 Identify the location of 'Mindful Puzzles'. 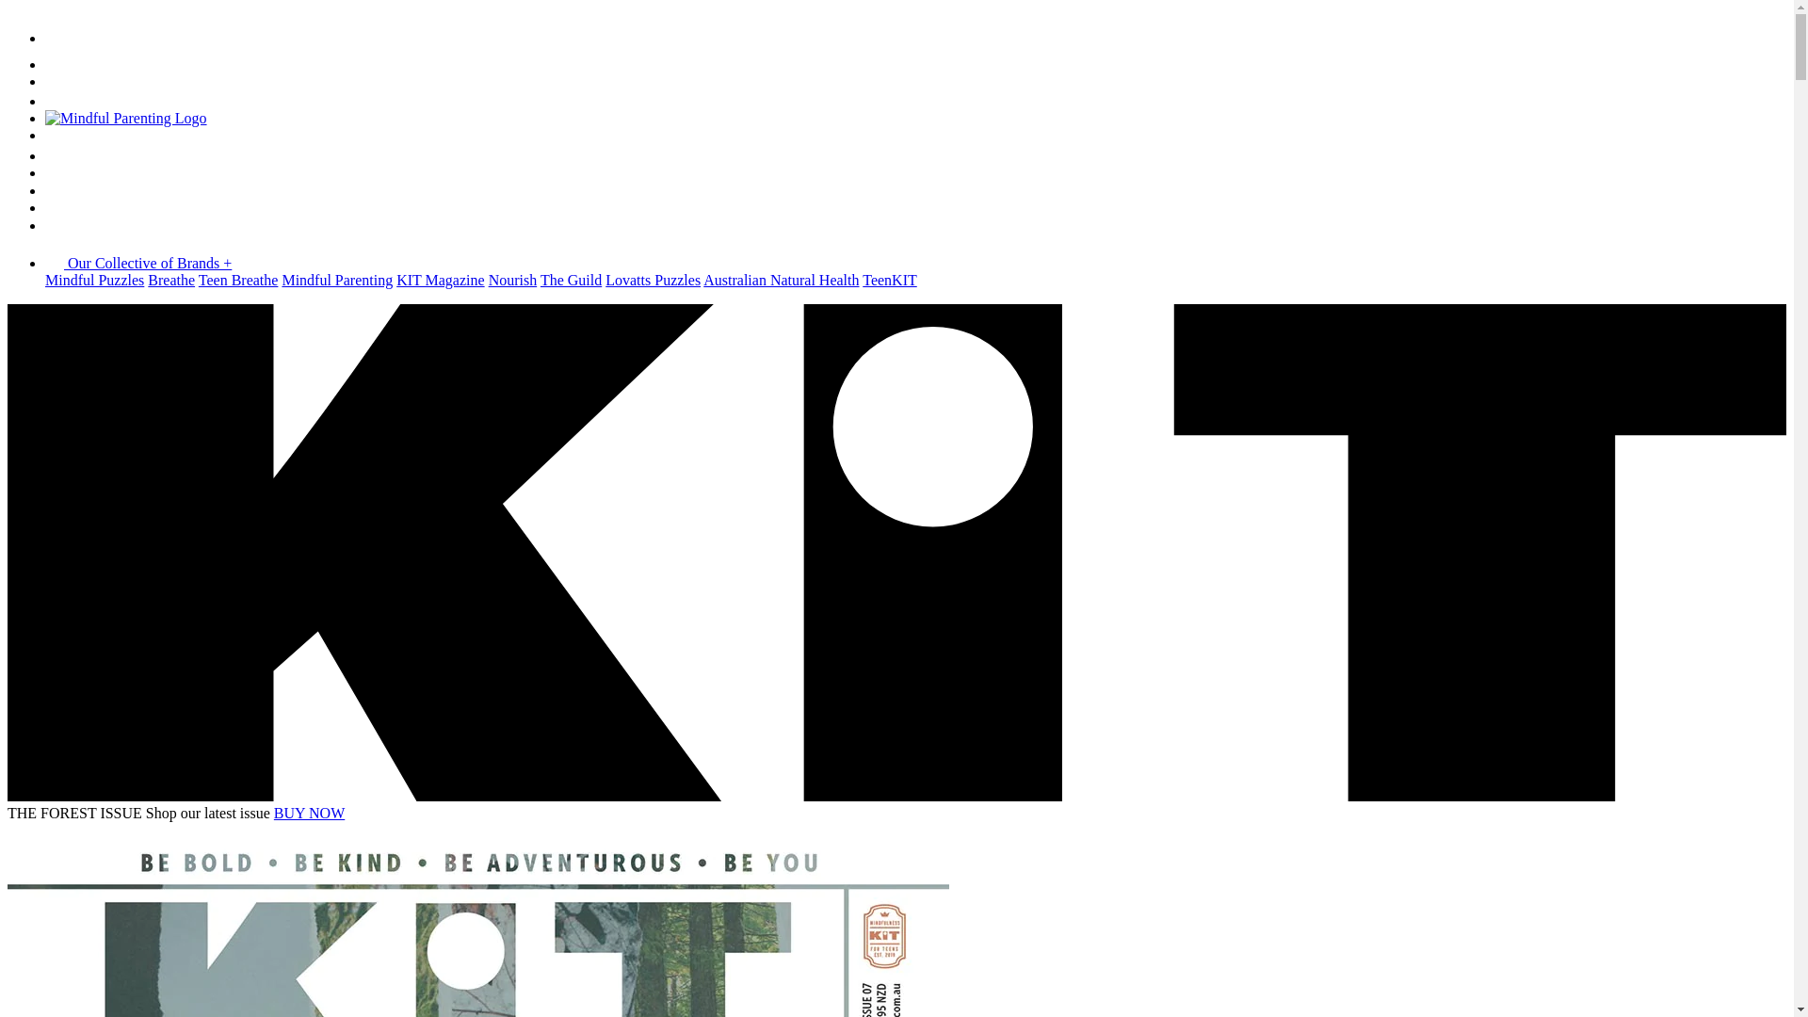
(93, 280).